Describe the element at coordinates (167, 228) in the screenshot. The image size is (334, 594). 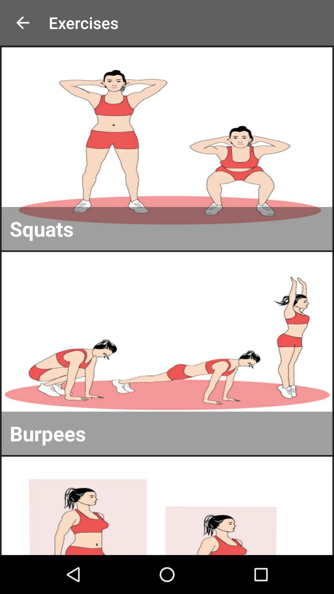
I see `the squats app` at that location.